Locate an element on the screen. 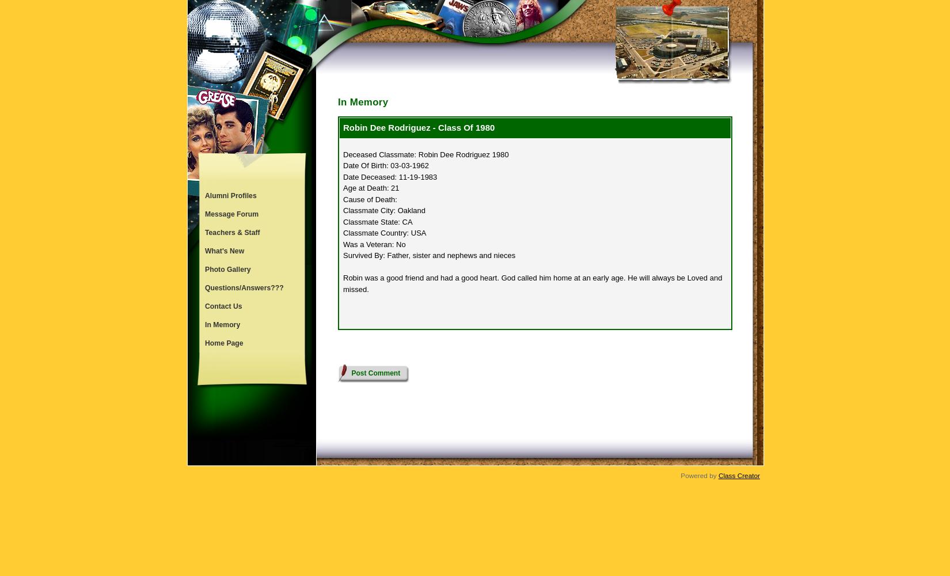 This screenshot has height=576, width=950. 'What's New' is located at coordinates (205, 251).